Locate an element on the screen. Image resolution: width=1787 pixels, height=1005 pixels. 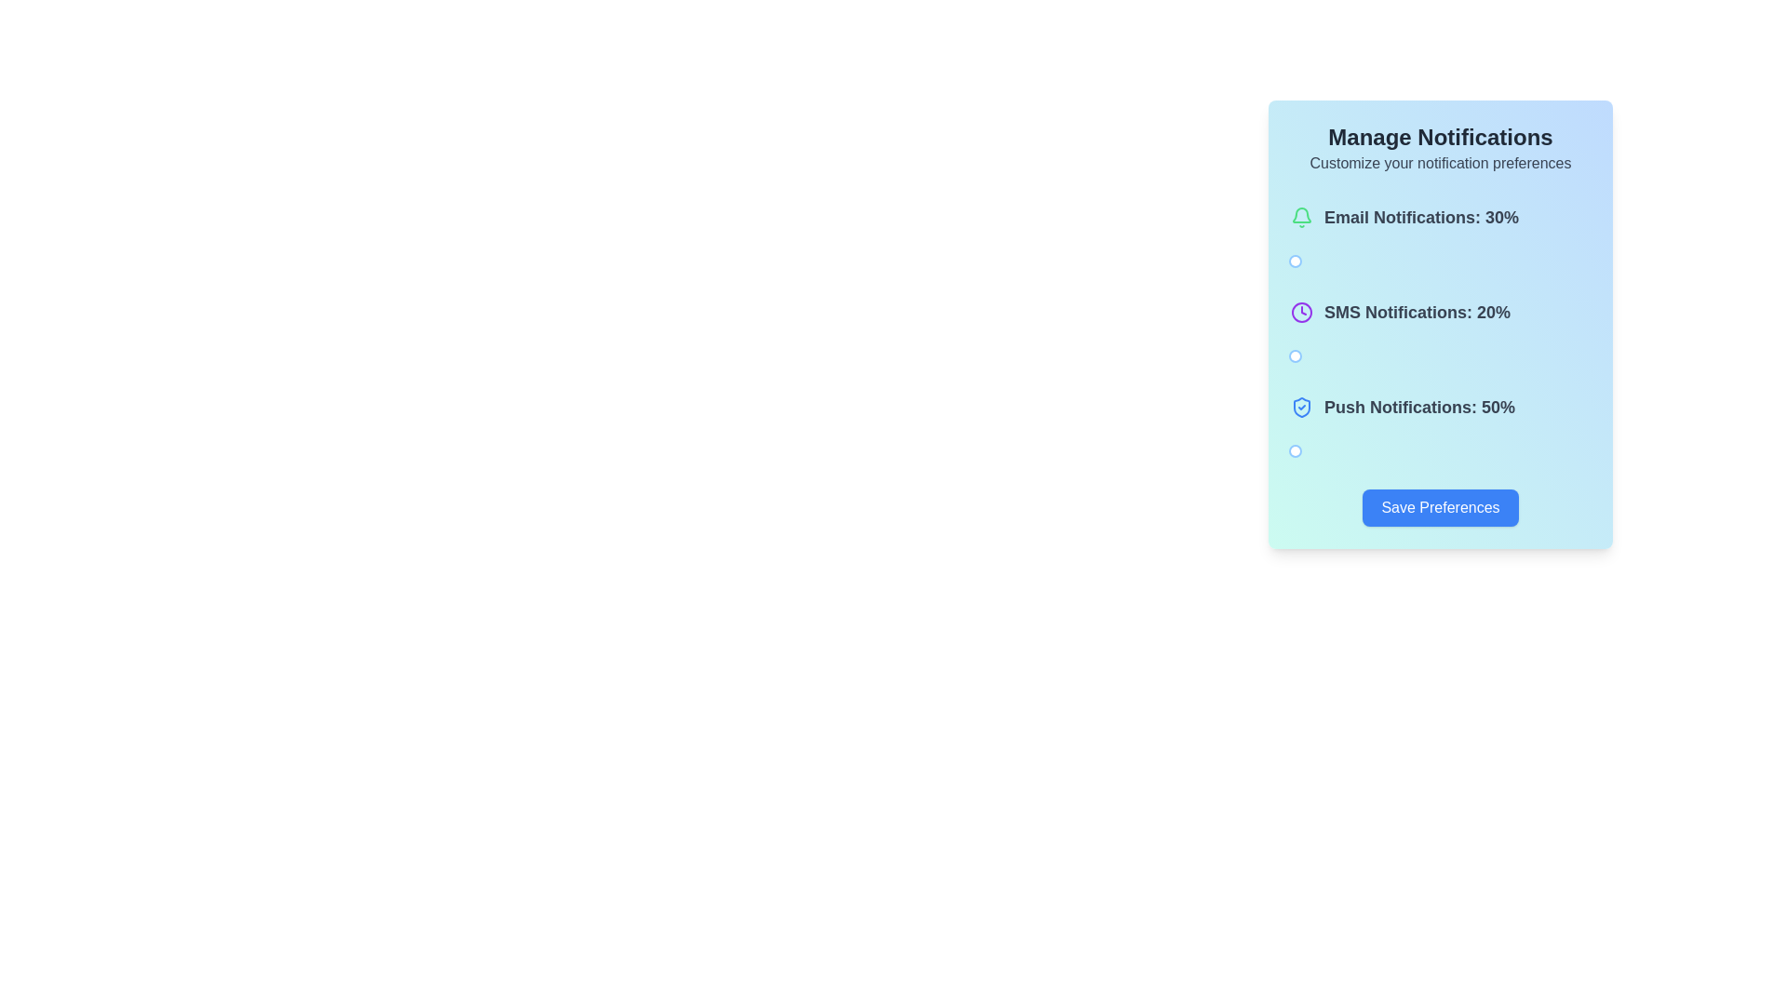
the slider handle of the 'SMS Notifications: 20%' component is located at coordinates (1440, 336).